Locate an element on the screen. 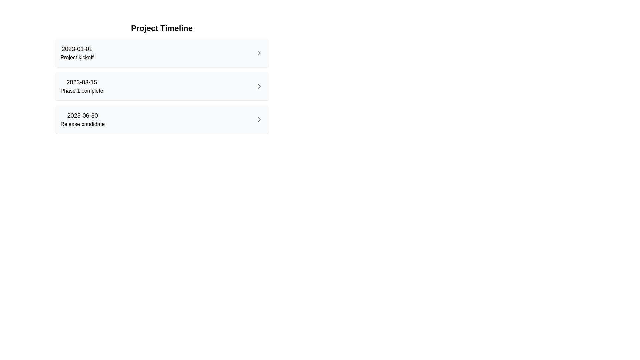 The image size is (640, 360). the text label displaying '2023-01-01' located at the top of the first timeline section, above the label 'Project kickoff' is located at coordinates (77, 48).